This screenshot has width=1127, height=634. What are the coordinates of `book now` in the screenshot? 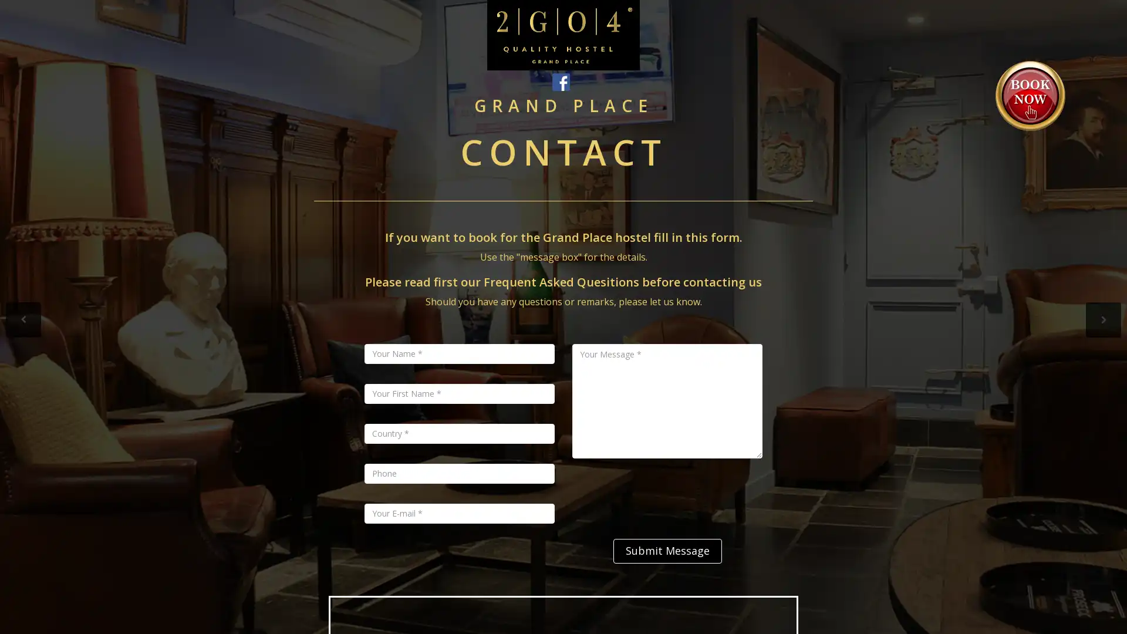 It's located at (1030, 95).